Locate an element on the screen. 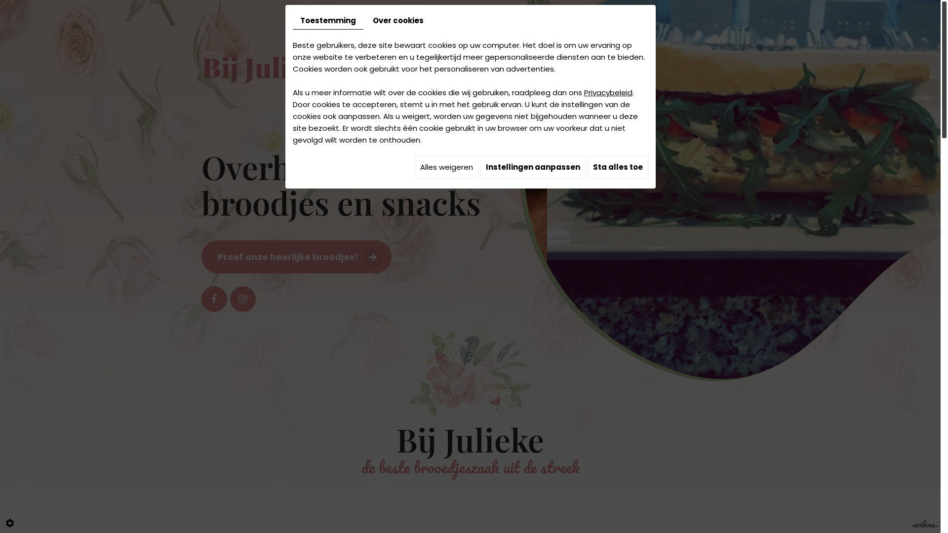  'Over cookies' is located at coordinates (398, 21).